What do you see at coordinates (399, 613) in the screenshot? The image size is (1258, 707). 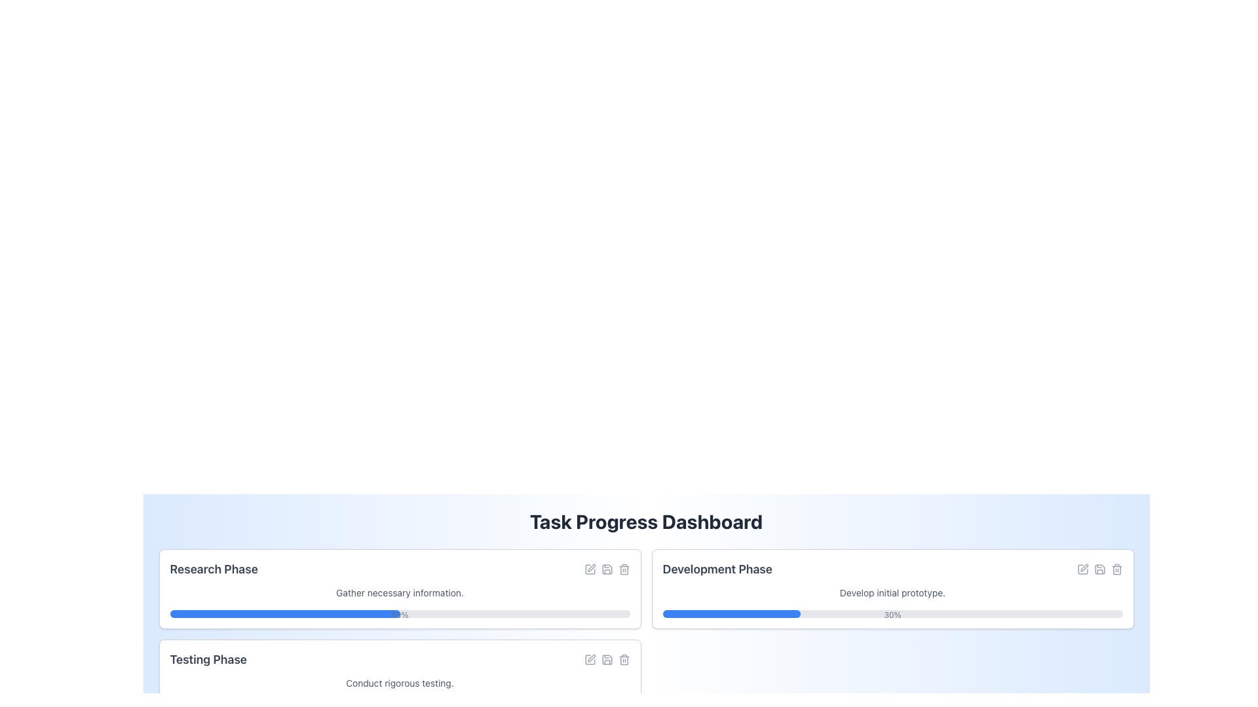 I see `the progress bar at the bottom of the 'Research Phase' card in the 'Task Progress Dashboard'` at bounding box center [399, 613].